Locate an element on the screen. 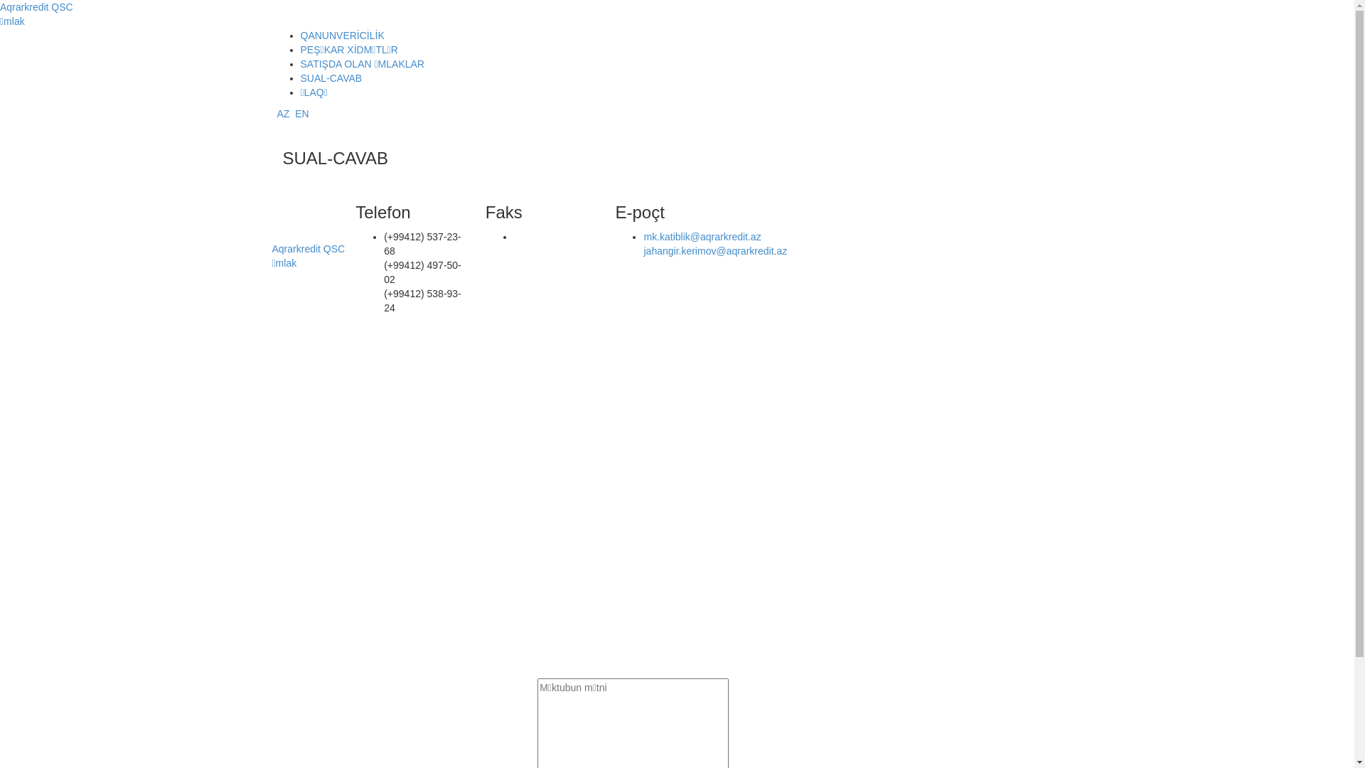  'mk.katiblik@aqrarkredit.az is located at coordinates (715, 243).